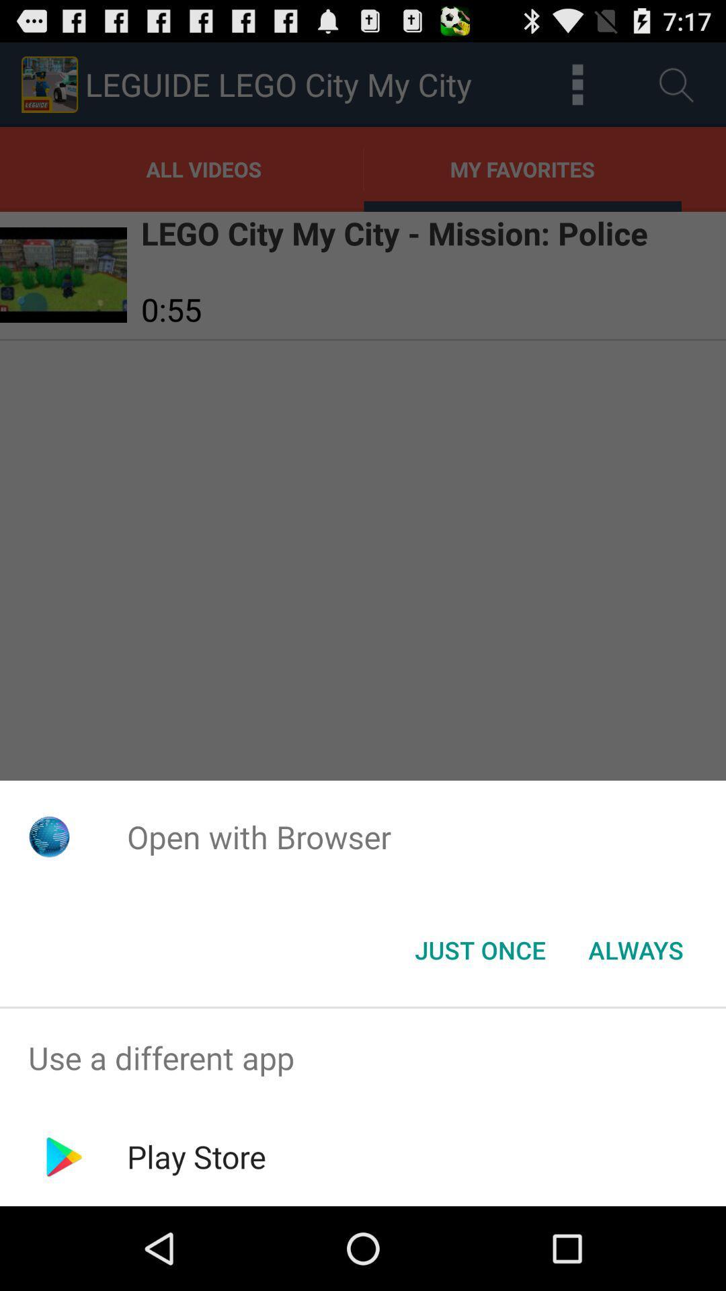  What do you see at coordinates (479, 949) in the screenshot?
I see `just once icon` at bounding box center [479, 949].